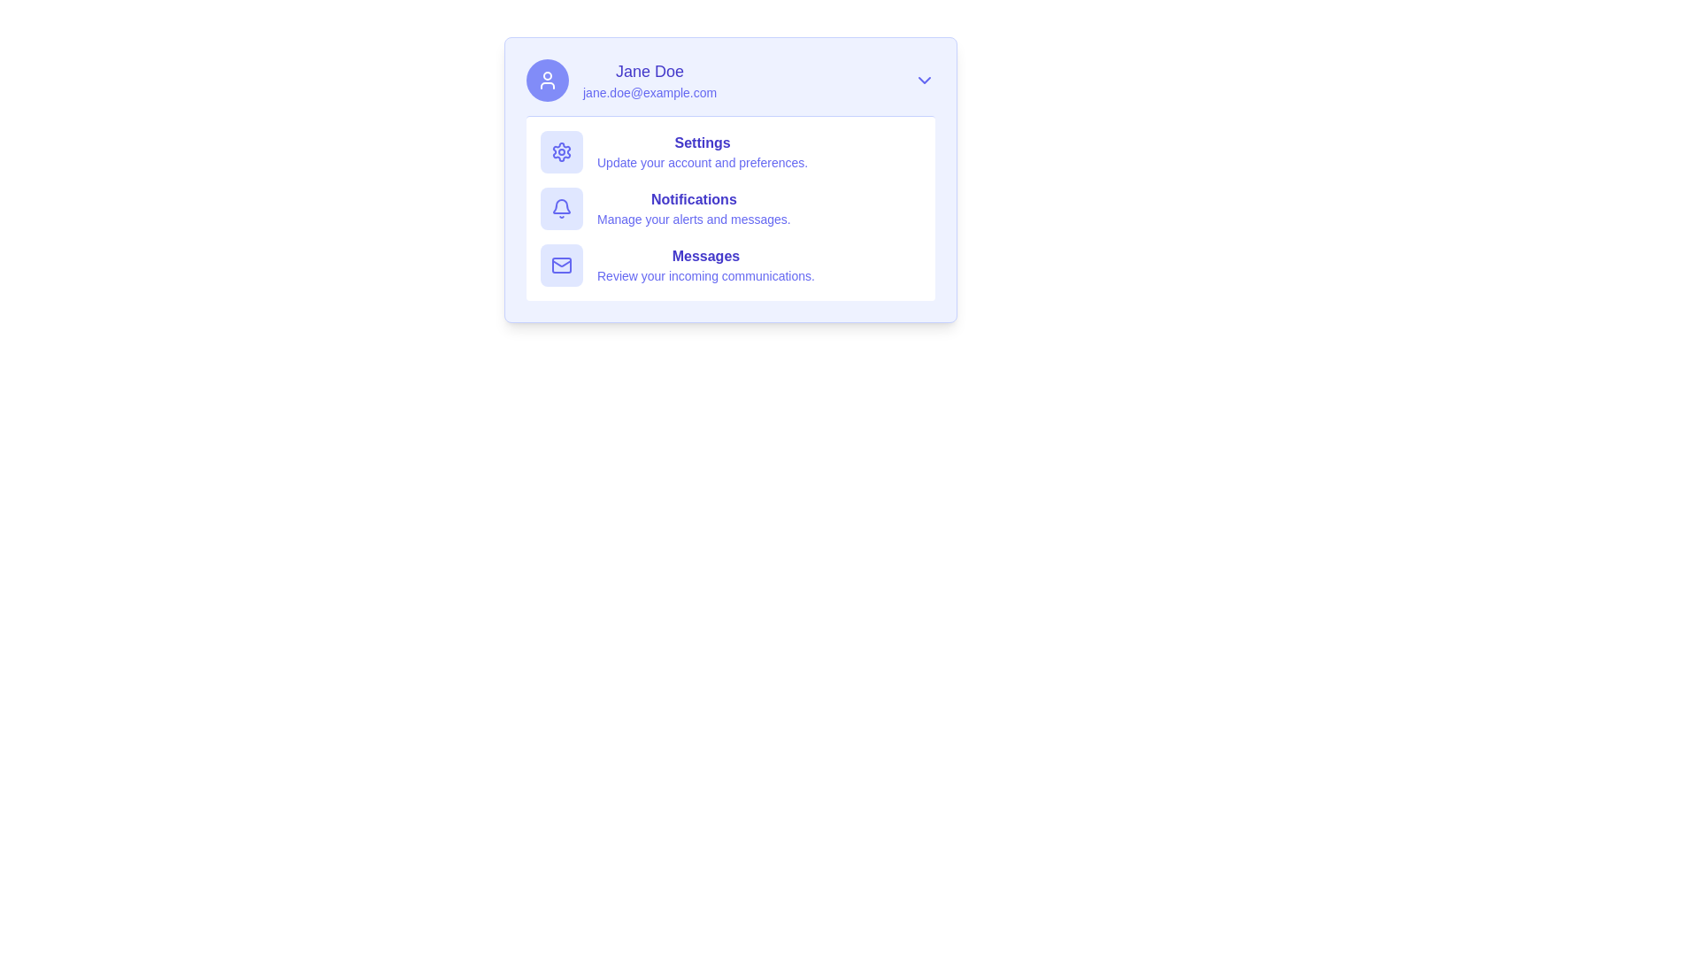  I want to click on the text block displaying 'Messages' with a description 'Review your incoming communications.', so click(704, 266).